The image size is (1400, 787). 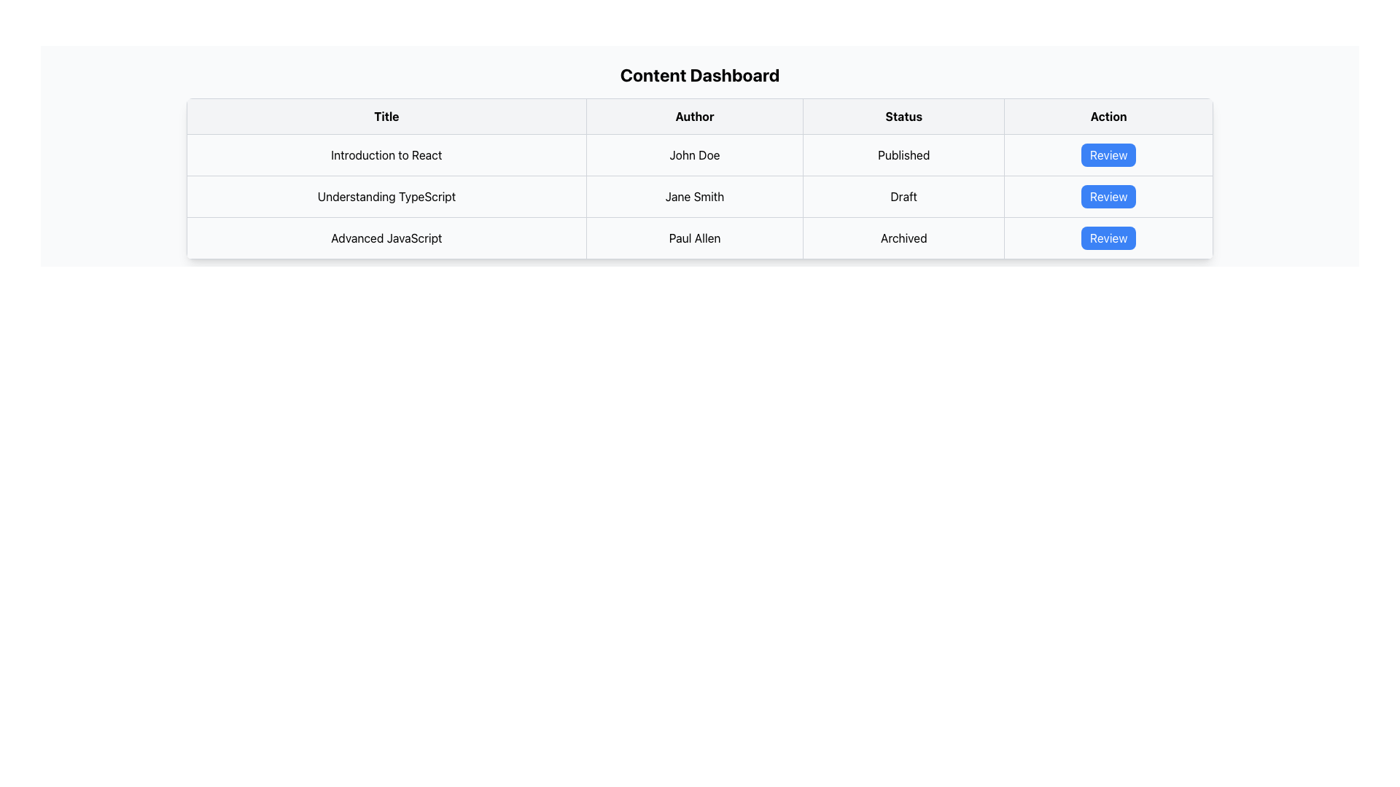 I want to click on the Static Text Label that represents the title of the 'Advanced JavaScript' entry in the 'Content Dashboard' table, located in the first cell under the 'Title' column, so click(x=386, y=238).